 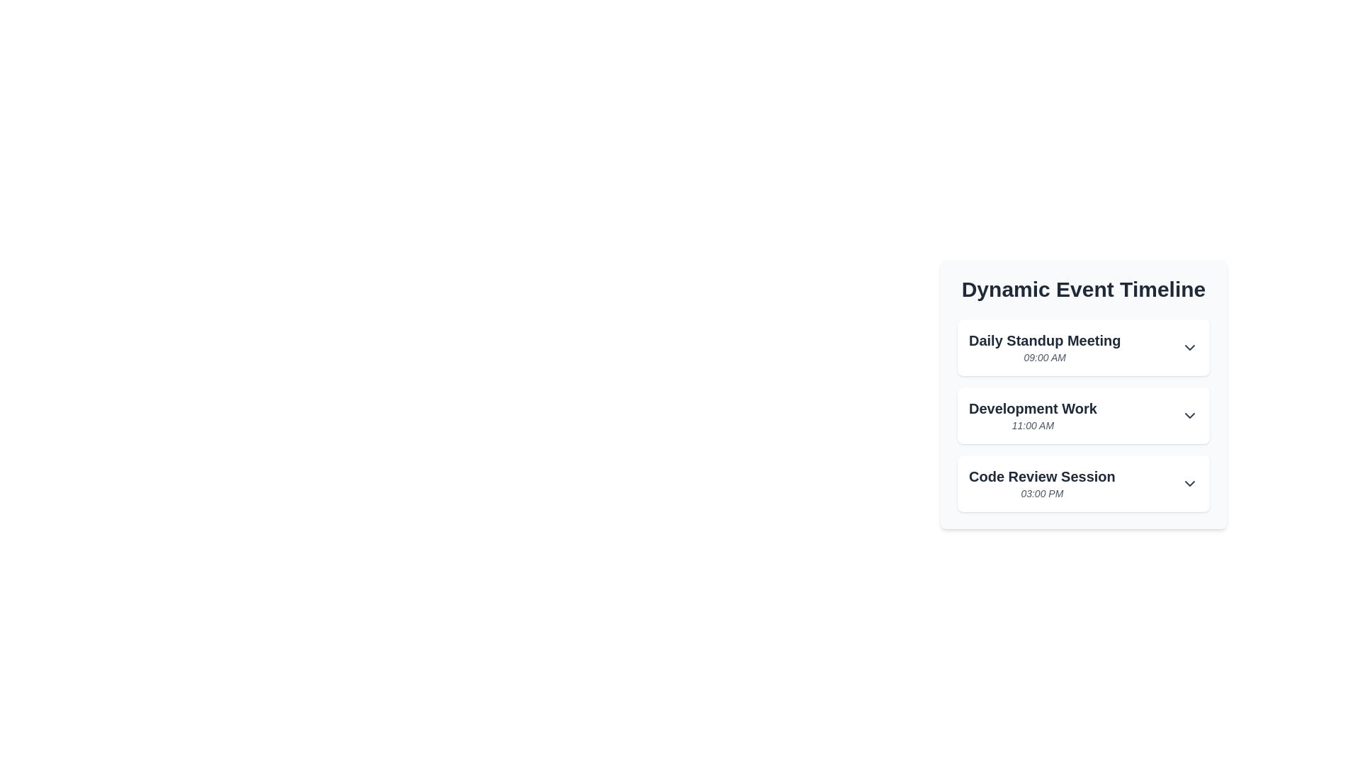 I want to click on the prominent text label displaying 'Development Work' in the second row of the 'Dynamic Event Timeline' list, so click(x=1033, y=409).